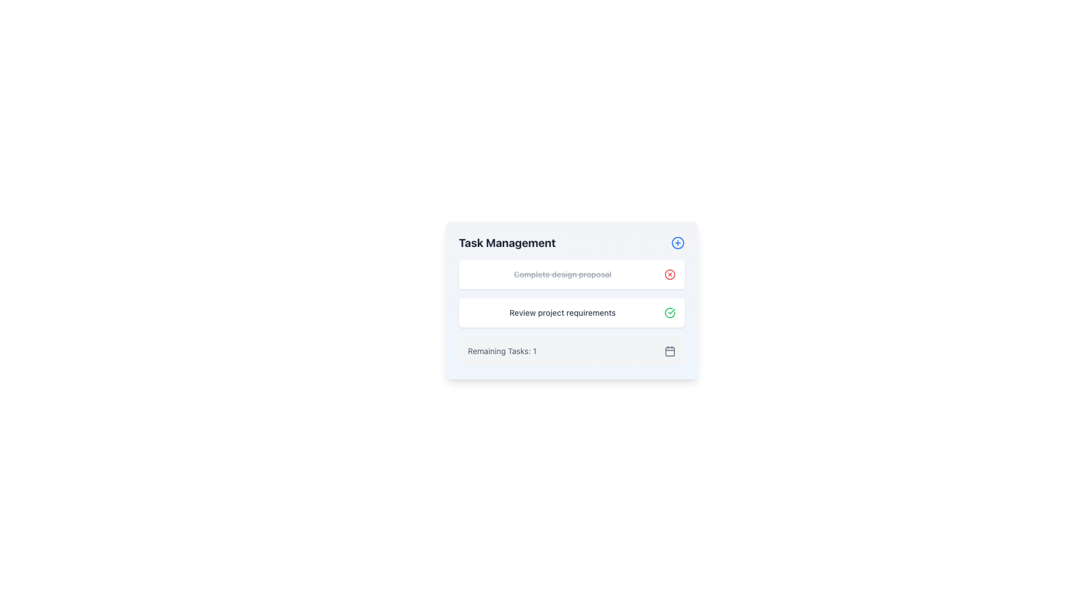 The width and height of the screenshot is (1083, 609). I want to click on the calendar icon located at the top-right corner of the section displaying 'Remaining Tasks: 1', so click(670, 351).